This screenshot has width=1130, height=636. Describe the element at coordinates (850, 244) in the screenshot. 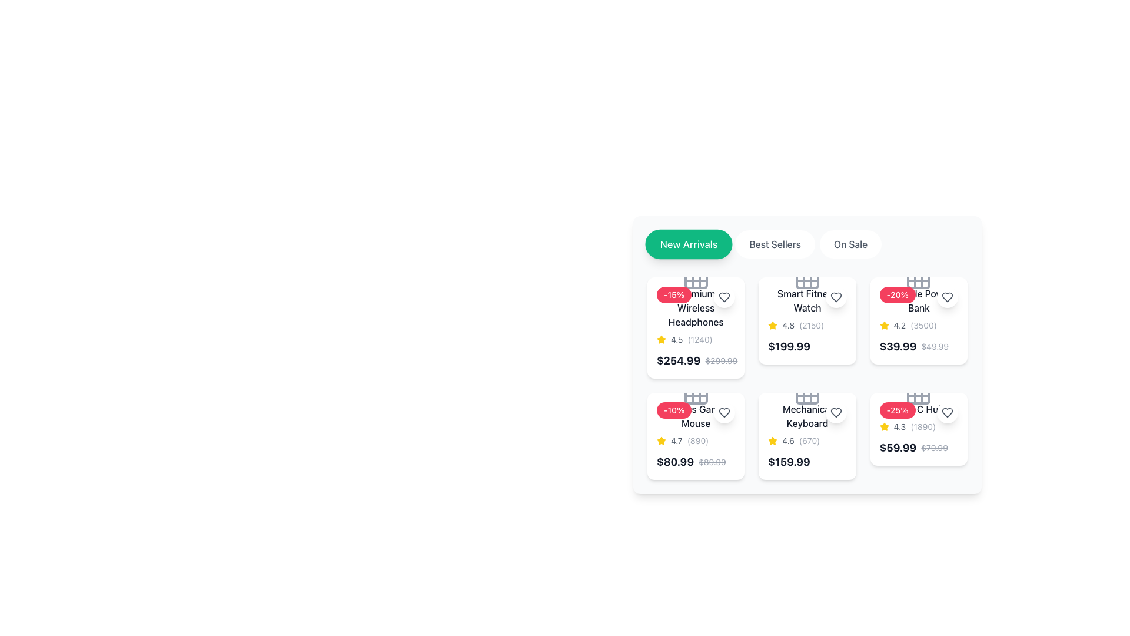

I see `the 'On Sale' button, which is a horizontally elongated button with rounded edges, white background, and gray text, located to the right of the 'Best Sellers' button, to filter to on-sale items` at that location.